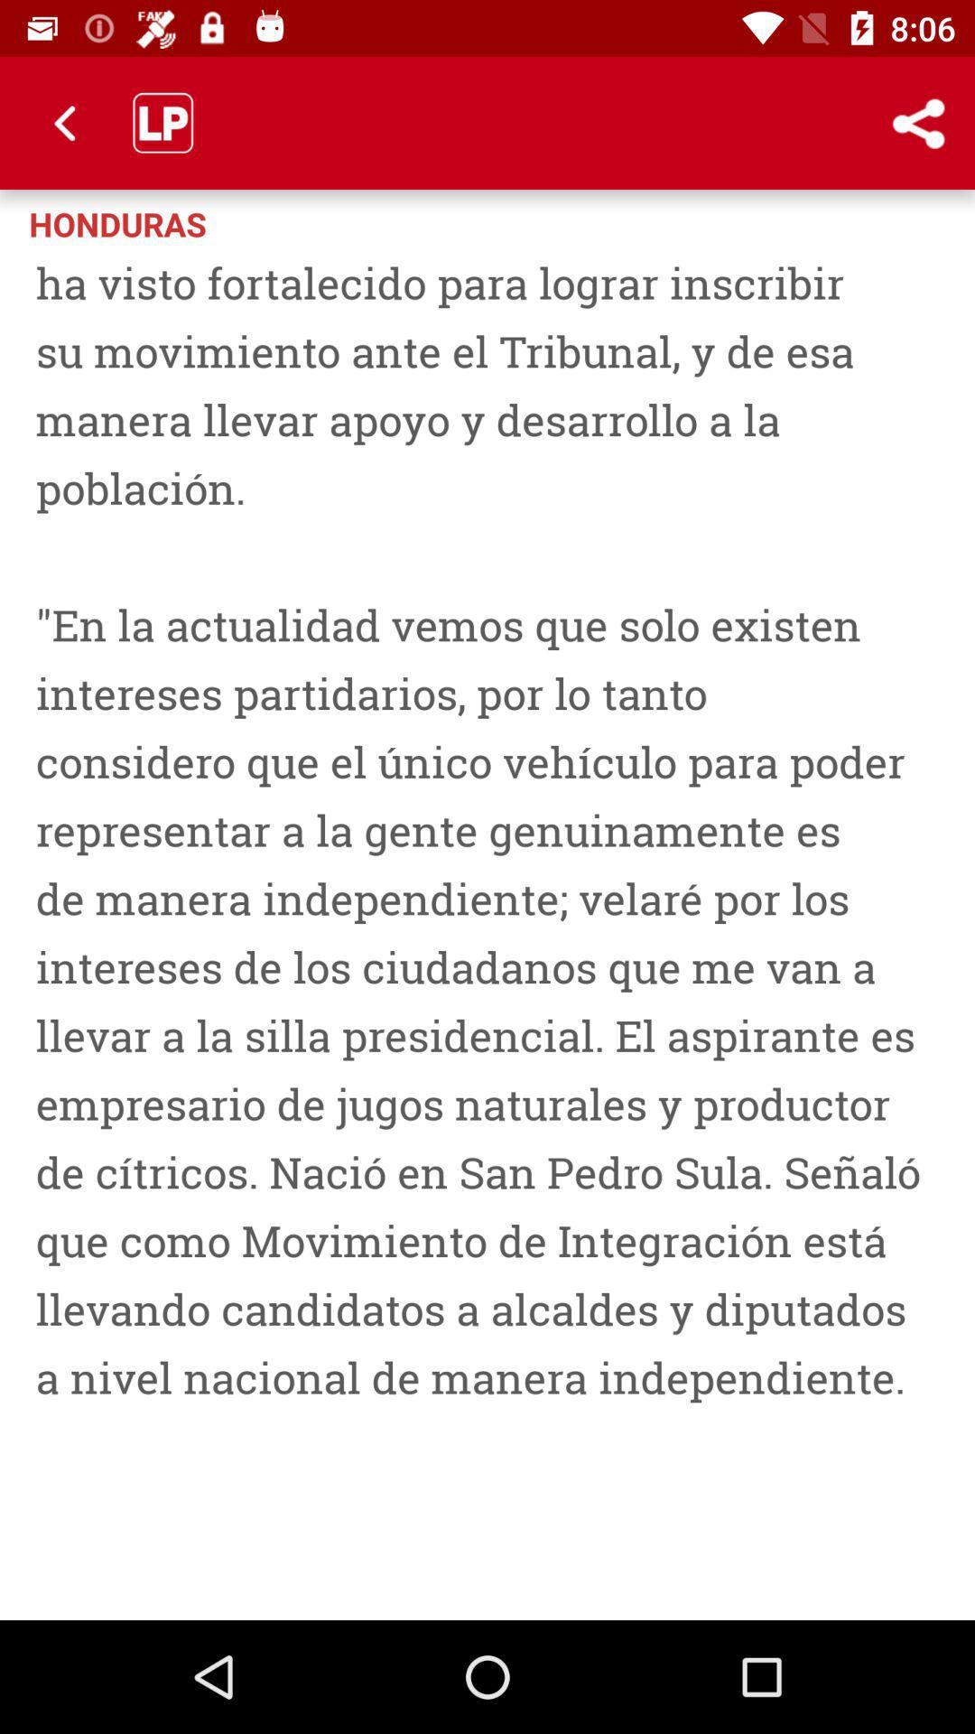 The height and width of the screenshot is (1734, 975). What do you see at coordinates (918, 122) in the screenshot?
I see `the icon to the right of the honduras` at bounding box center [918, 122].